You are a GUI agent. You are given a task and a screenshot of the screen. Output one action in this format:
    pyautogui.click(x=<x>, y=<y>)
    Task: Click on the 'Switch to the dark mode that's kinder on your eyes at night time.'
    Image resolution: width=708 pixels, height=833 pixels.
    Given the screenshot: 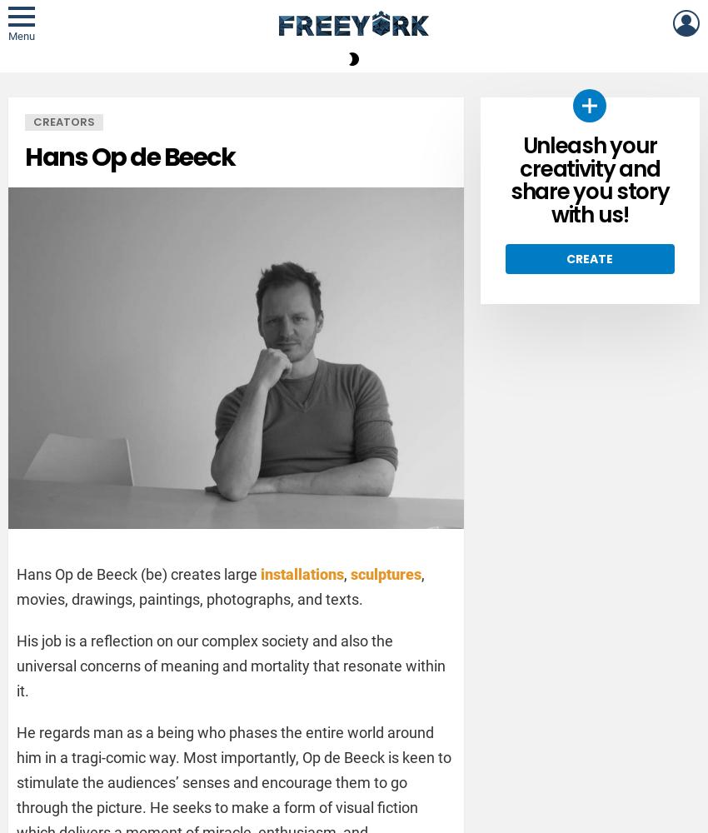 What is the action you would take?
    pyautogui.click(x=517, y=115)
    